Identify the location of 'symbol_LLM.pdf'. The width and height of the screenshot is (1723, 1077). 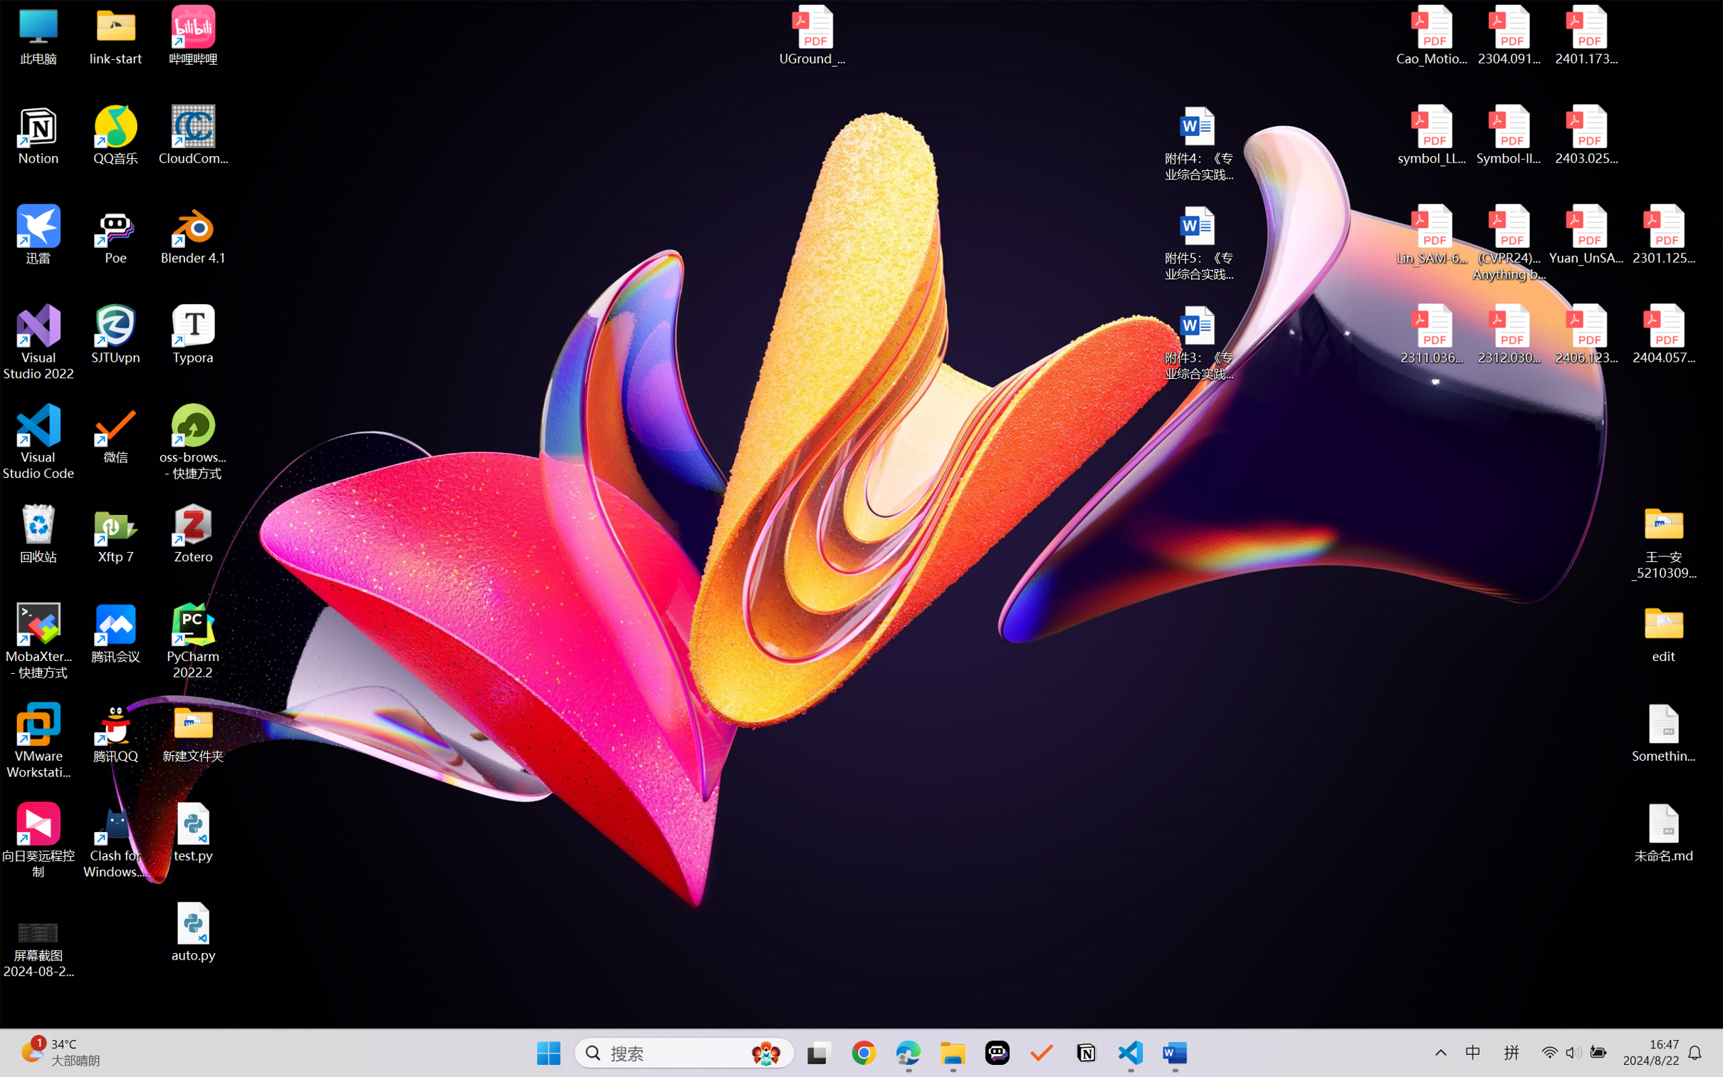
(1432, 135).